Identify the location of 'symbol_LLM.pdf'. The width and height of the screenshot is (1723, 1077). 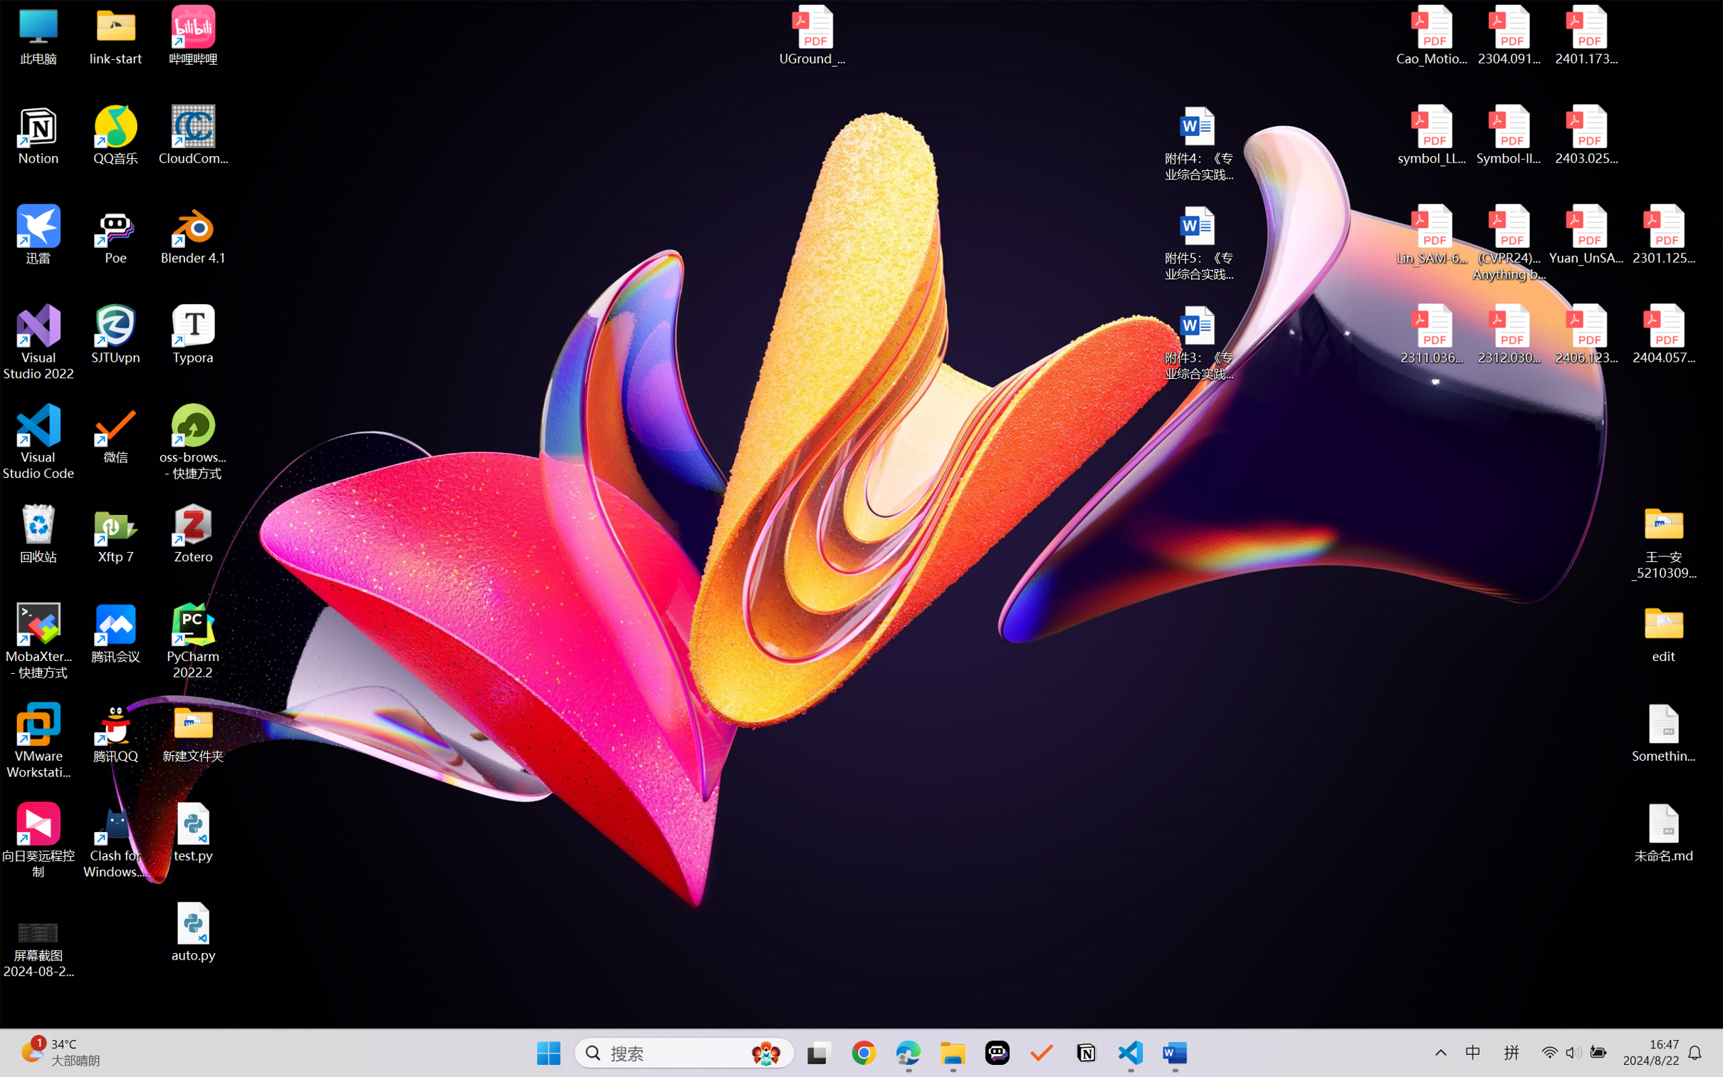
(1432, 135).